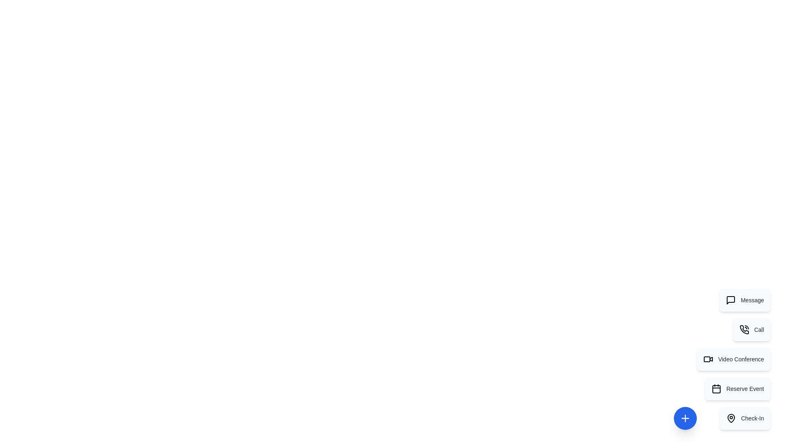 This screenshot has height=443, width=787. Describe the element at coordinates (738, 388) in the screenshot. I see `the action item labeled Reserve Event` at that location.